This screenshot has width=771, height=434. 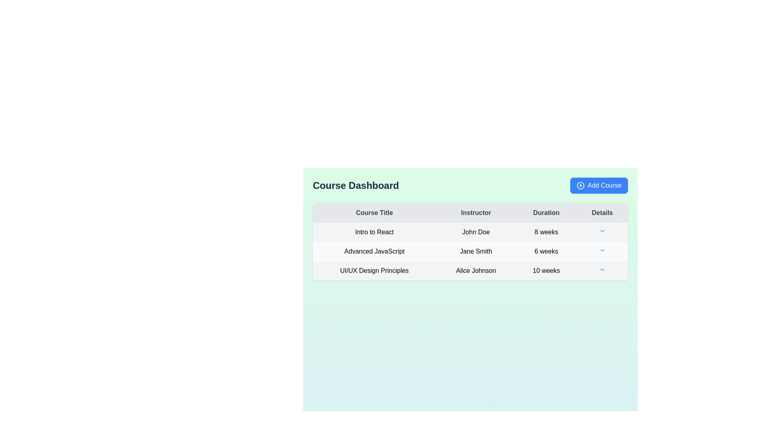 What do you see at coordinates (470, 232) in the screenshot?
I see `the first row of the course entries table` at bounding box center [470, 232].